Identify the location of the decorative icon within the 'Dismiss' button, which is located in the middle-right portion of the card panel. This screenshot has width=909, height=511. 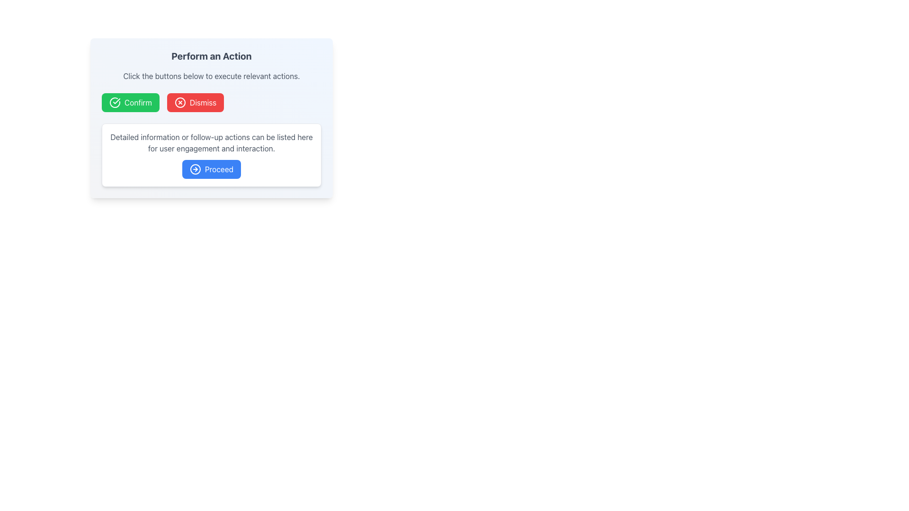
(180, 102).